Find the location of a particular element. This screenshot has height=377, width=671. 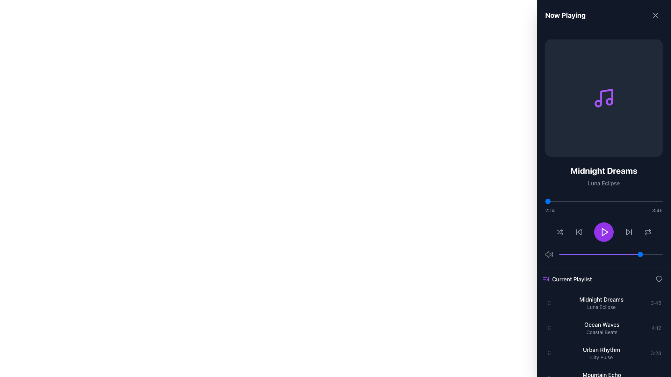

the heart-shaped icon on the right side of the 'Current Playlist' section to mark or unmark it as favorite is located at coordinates (659, 279).